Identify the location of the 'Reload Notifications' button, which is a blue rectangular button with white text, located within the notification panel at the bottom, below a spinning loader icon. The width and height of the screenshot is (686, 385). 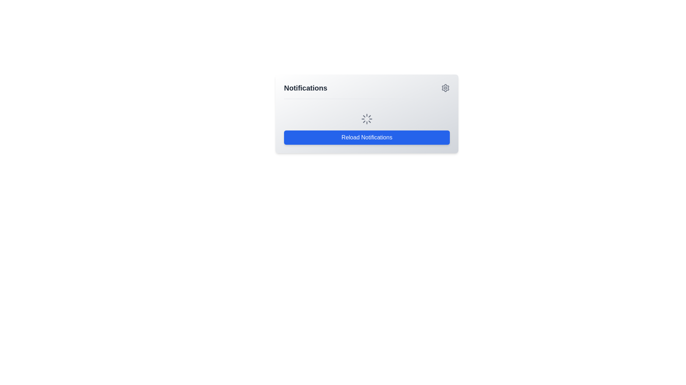
(367, 137).